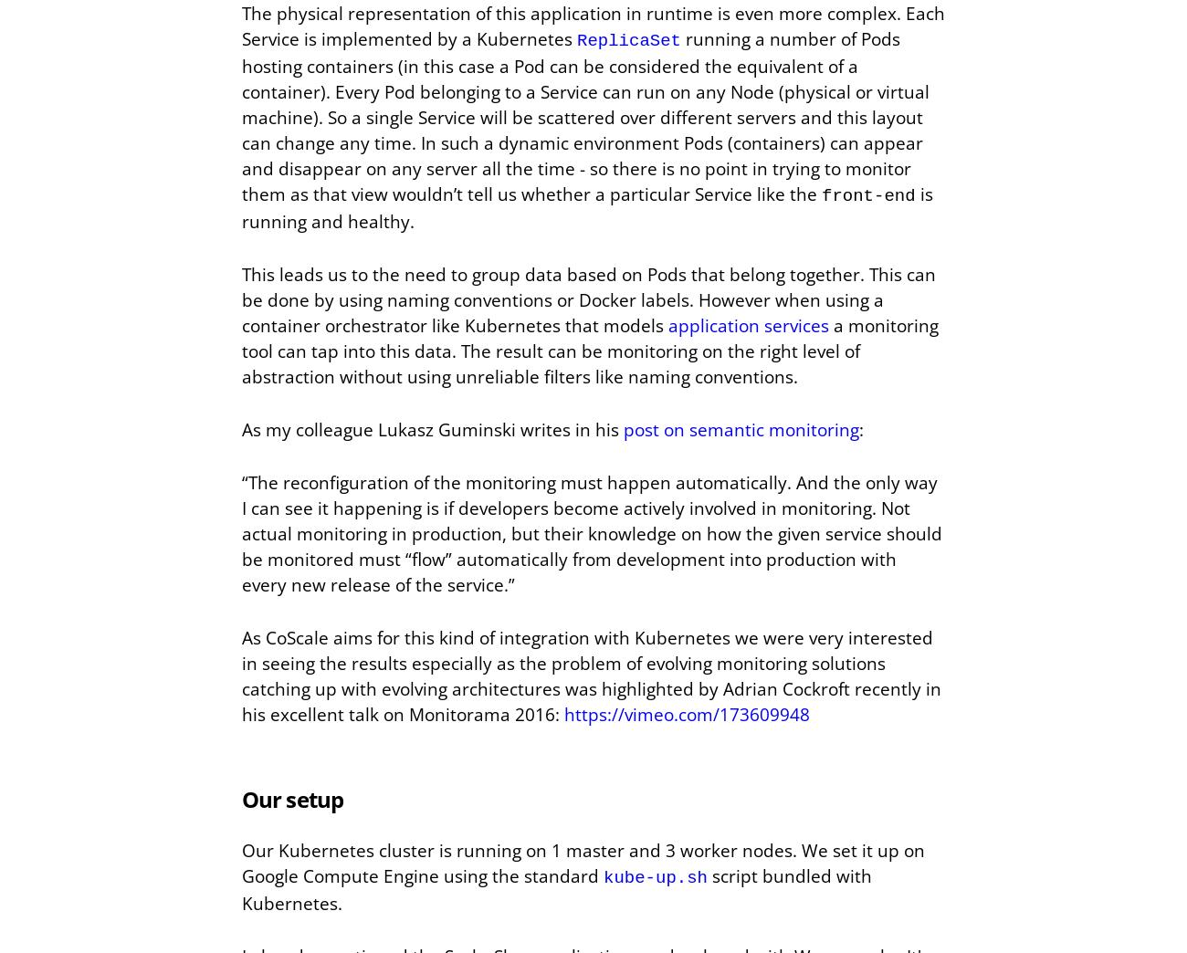 This screenshot has width=1187, height=953. I want to click on '“The reconfiguration of the monitoring must happen automatically. And the only way I can see it happening is if developers become actively involved in monitoring. Not actual monitoring in production, but their knowledge on how the given service should be monitored must “flow” automatically from development into production with every new release of the service.”', so click(240, 532).